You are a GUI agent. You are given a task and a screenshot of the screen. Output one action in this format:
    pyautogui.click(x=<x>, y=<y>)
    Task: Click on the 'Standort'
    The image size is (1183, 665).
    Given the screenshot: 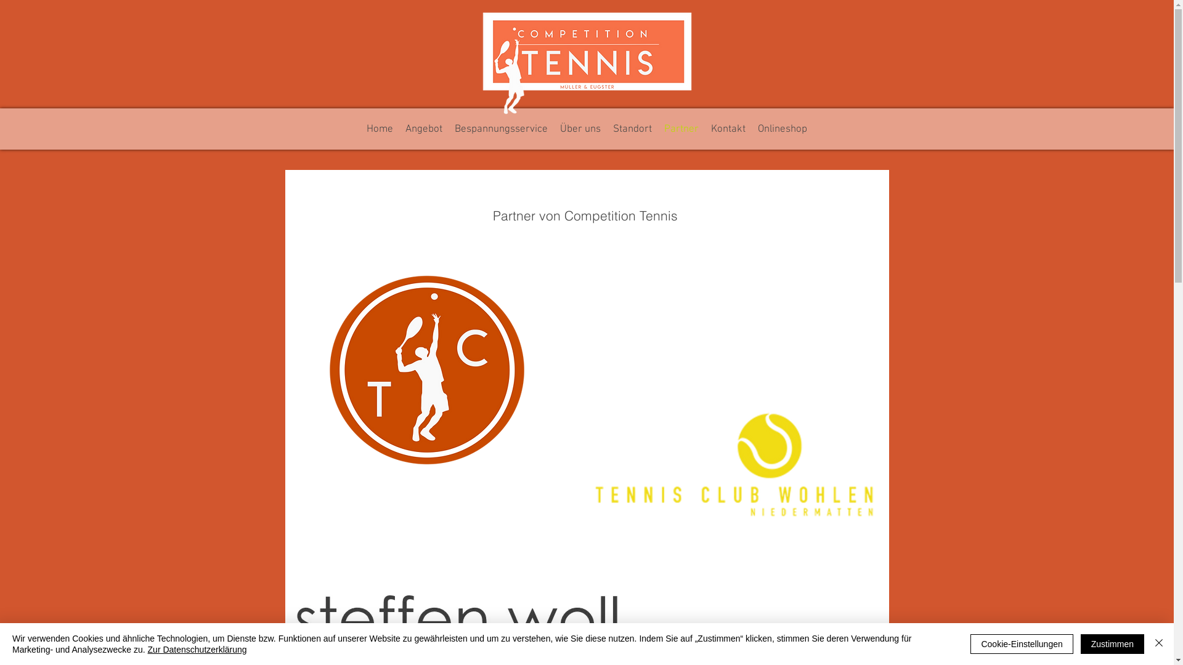 What is the action you would take?
    pyautogui.click(x=606, y=129)
    